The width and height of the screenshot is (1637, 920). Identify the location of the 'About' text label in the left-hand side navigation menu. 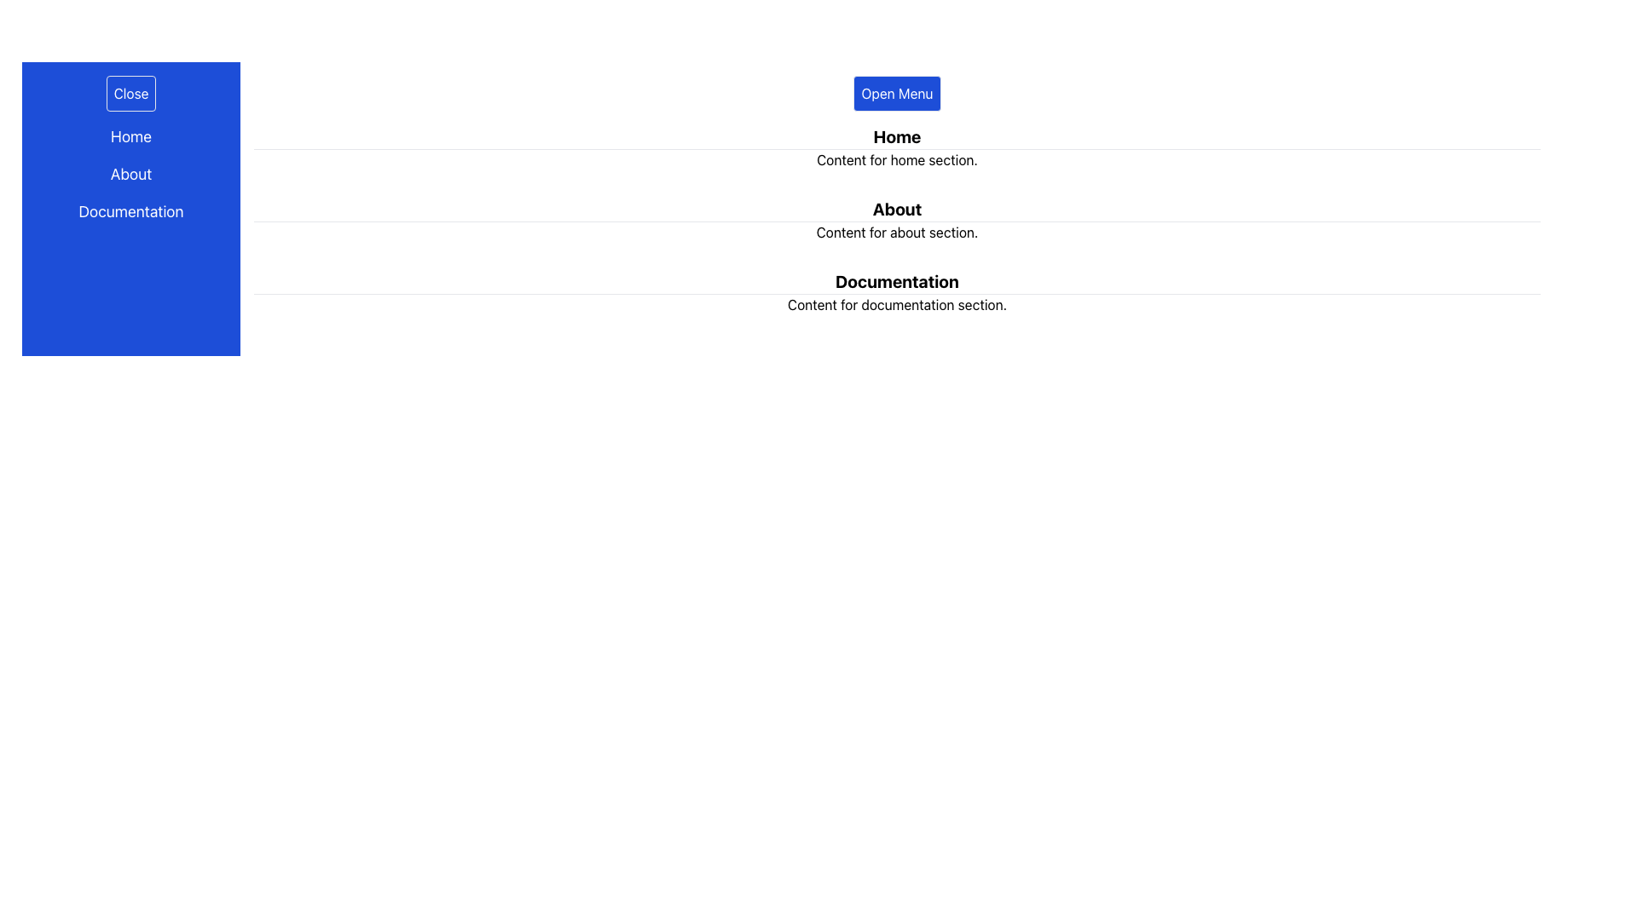
(130, 174).